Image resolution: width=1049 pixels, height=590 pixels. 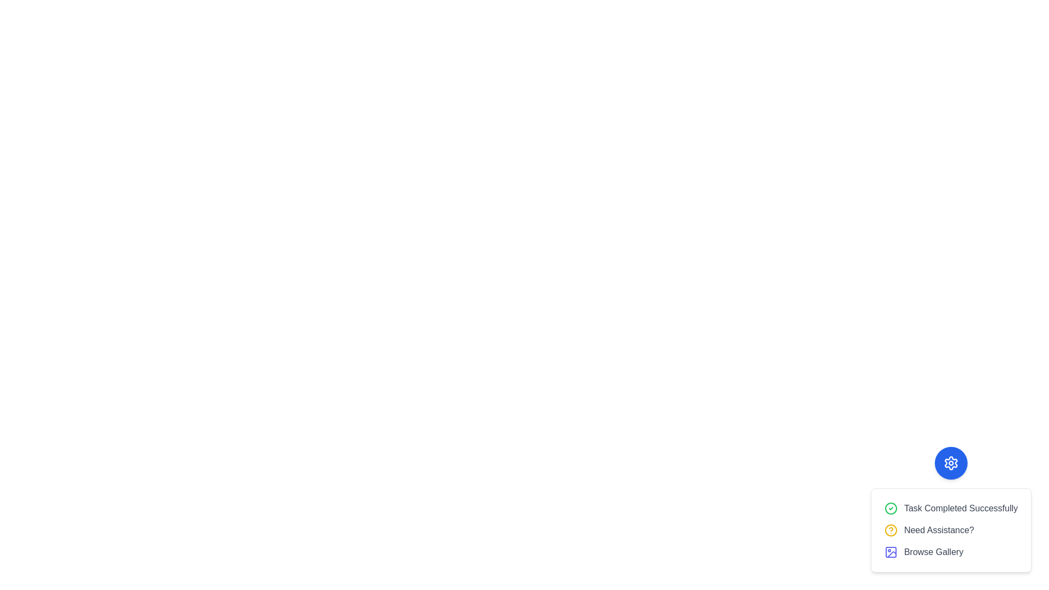 I want to click on the yellow circular graphic element in the bottom-right section of the interface, which is part of an icon-like structure in the SVG representation, so click(x=891, y=530).